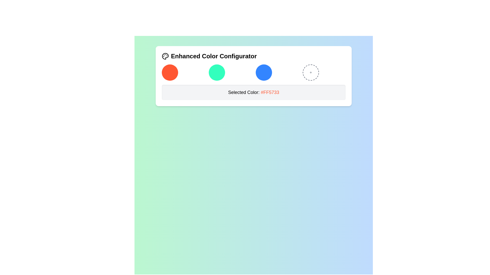  What do you see at coordinates (217, 73) in the screenshot?
I see `the vibrant green circular selectable button located between the orange circle on the left and the blue circle on the right` at bounding box center [217, 73].